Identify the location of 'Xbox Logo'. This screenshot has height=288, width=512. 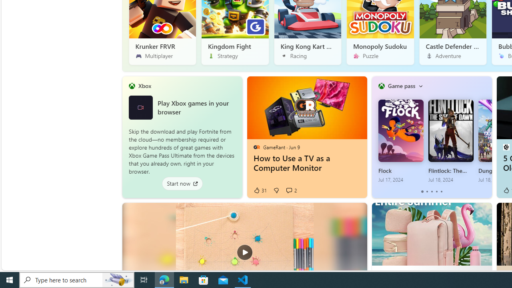
(140, 107).